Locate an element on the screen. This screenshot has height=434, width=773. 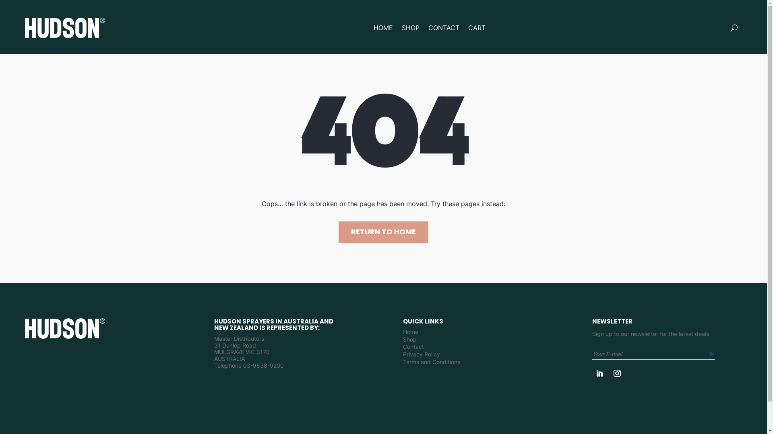
'HOME' is located at coordinates (382, 27).